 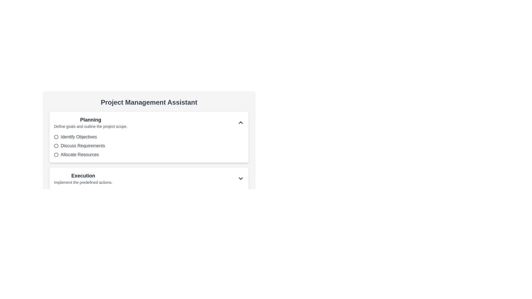 I want to click on the Text Block containing the title 'Execution' in bold and dark formatting, which is located below the 'Planning' section, so click(x=83, y=178).